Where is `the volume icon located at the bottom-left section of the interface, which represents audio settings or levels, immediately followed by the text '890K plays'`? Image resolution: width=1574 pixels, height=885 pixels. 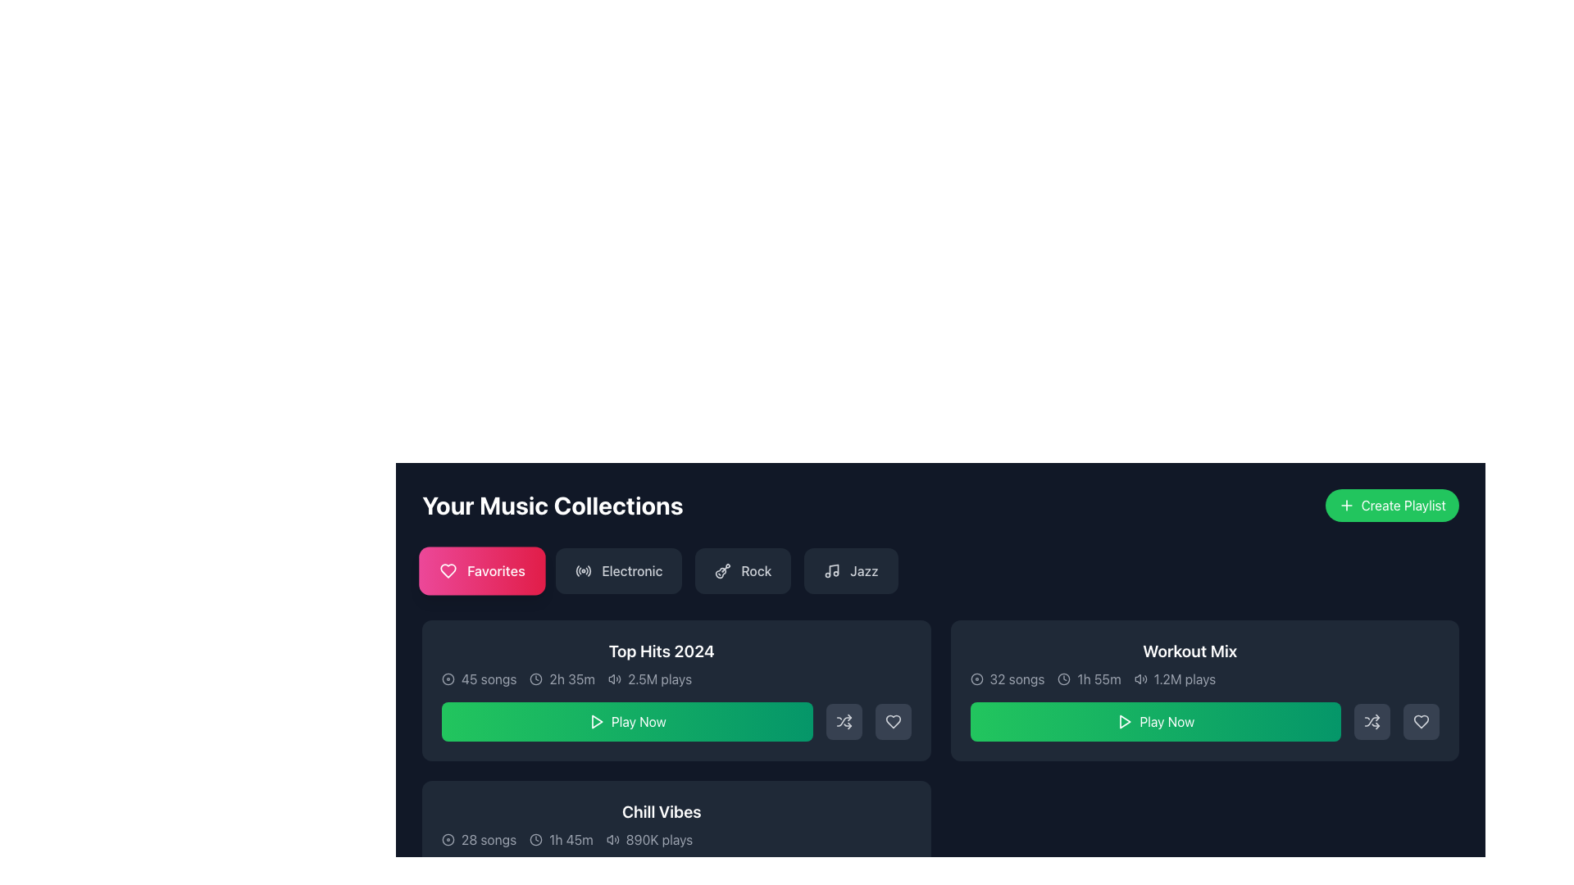 the volume icon located at the bottom-left section of the interface, which represents audio settings or levels, immediately followed by the text '890K plays' is located at coordinates (612, 840).